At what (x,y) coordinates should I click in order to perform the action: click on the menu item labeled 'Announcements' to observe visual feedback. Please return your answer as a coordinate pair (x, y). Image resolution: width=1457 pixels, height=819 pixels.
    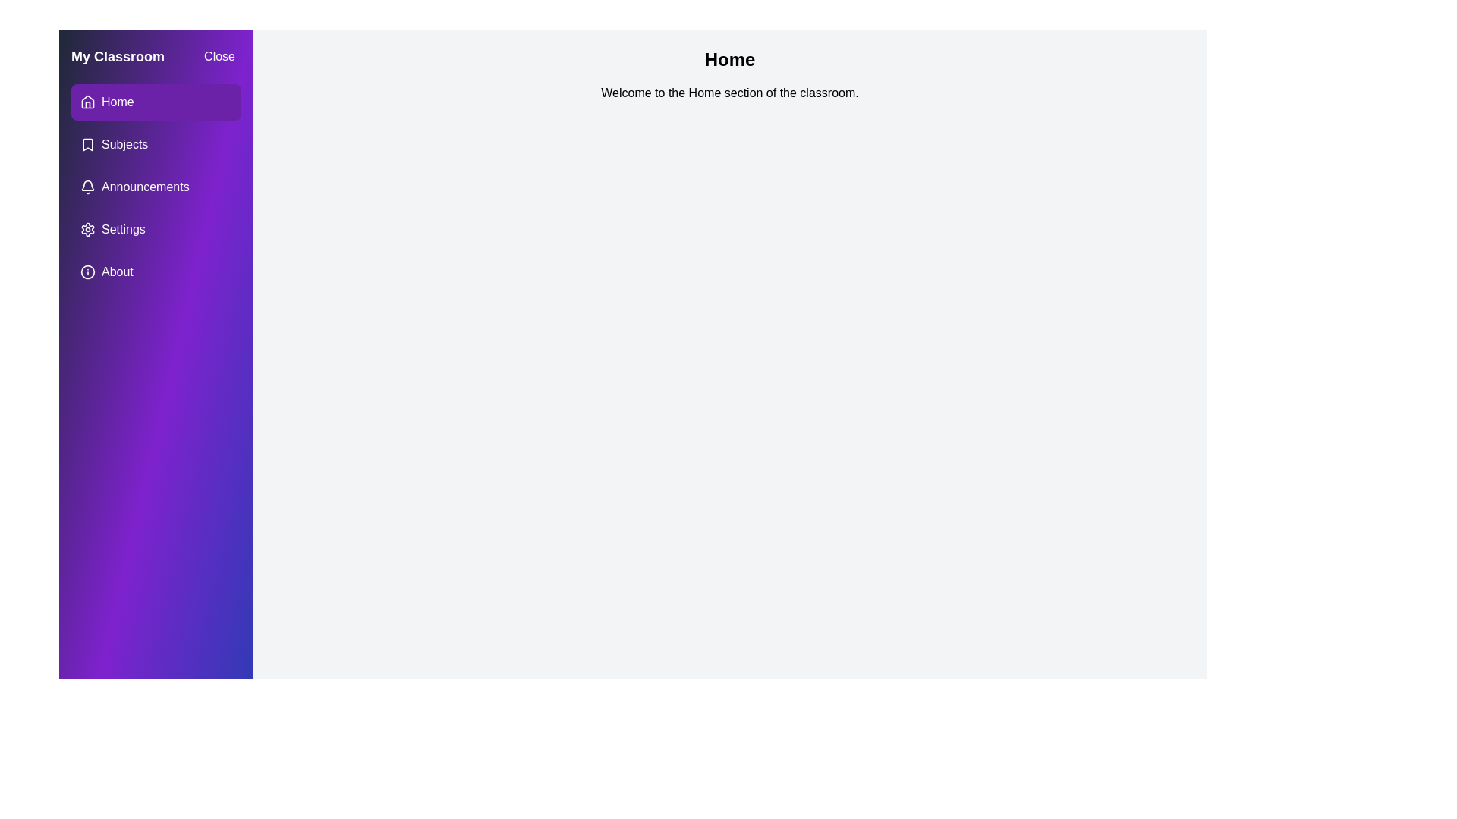
    Looking at the image, I should click on (156, 186).